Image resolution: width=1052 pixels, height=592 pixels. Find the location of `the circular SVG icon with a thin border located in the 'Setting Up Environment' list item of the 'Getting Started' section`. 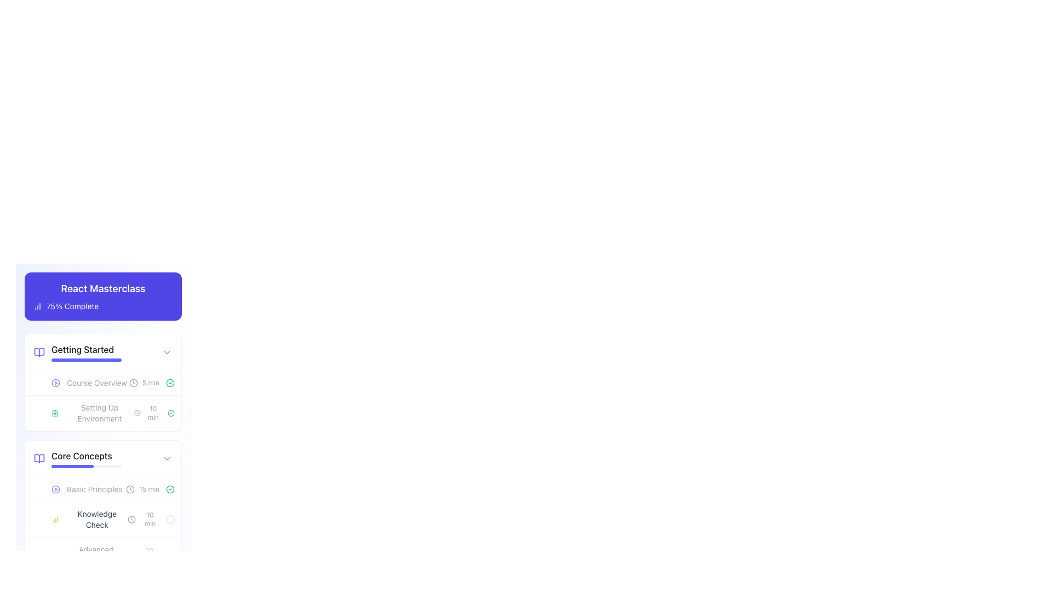

the circular SVG icon with a thin border located in the 'Setting Up Environment' list item of the 'Getting Started' section is located at coordinates (170, 382).